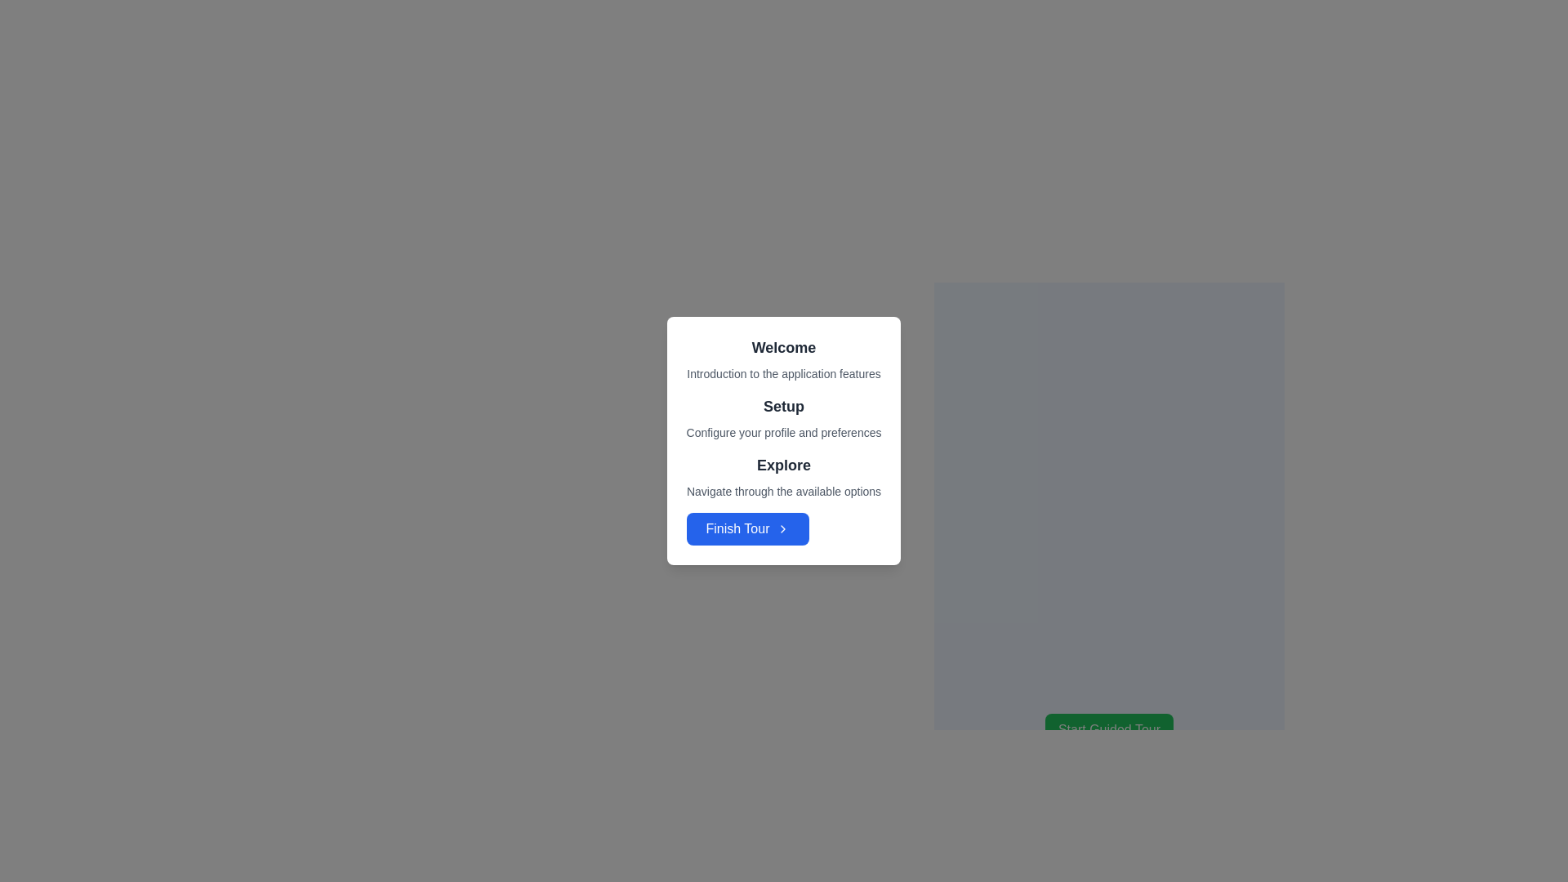 The width and height of the screenshot is (1568, 882). I want to click on the Text Label that provides a descriptive subtitle or explanatory text to the 'Explore' heading, located directly below the bold text 'Explore' and above the 'Finish Tour' button, so click(784, 490).